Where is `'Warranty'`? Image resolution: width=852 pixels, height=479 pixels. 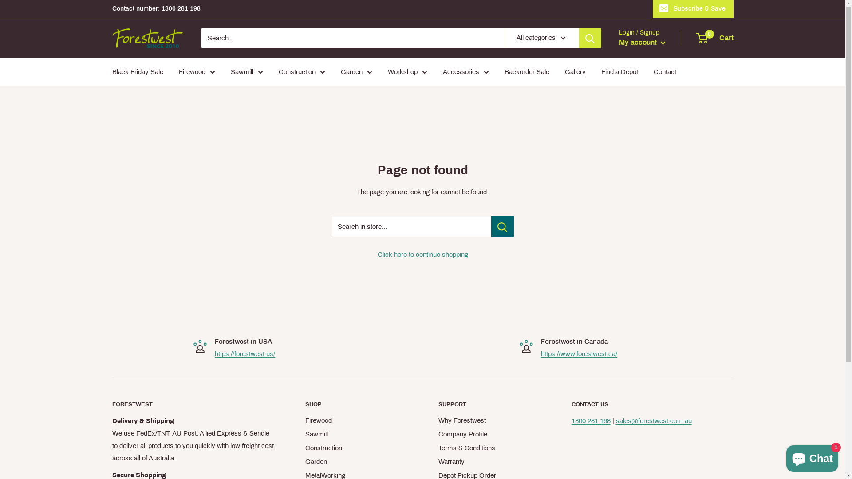
'Warranty' is located at coordinates (489, 461).